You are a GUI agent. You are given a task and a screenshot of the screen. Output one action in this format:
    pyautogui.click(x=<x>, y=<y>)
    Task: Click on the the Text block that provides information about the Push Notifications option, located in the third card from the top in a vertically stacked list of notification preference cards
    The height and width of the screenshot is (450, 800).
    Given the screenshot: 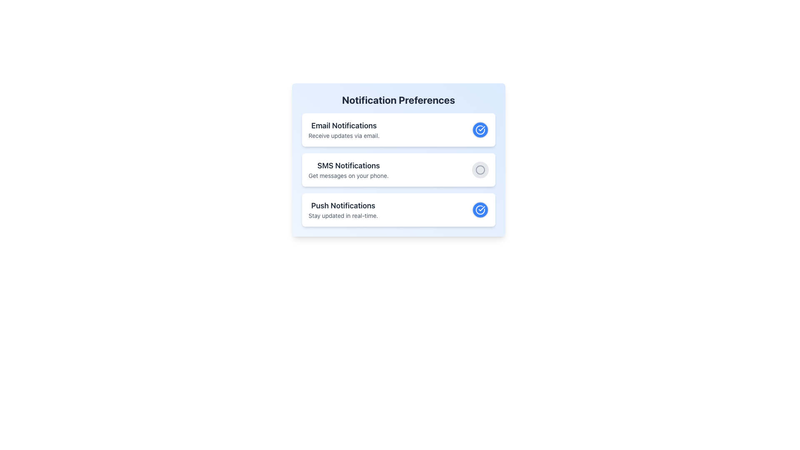 What is the action you would take?
    pyautogui.click(x=343, y=210)
    